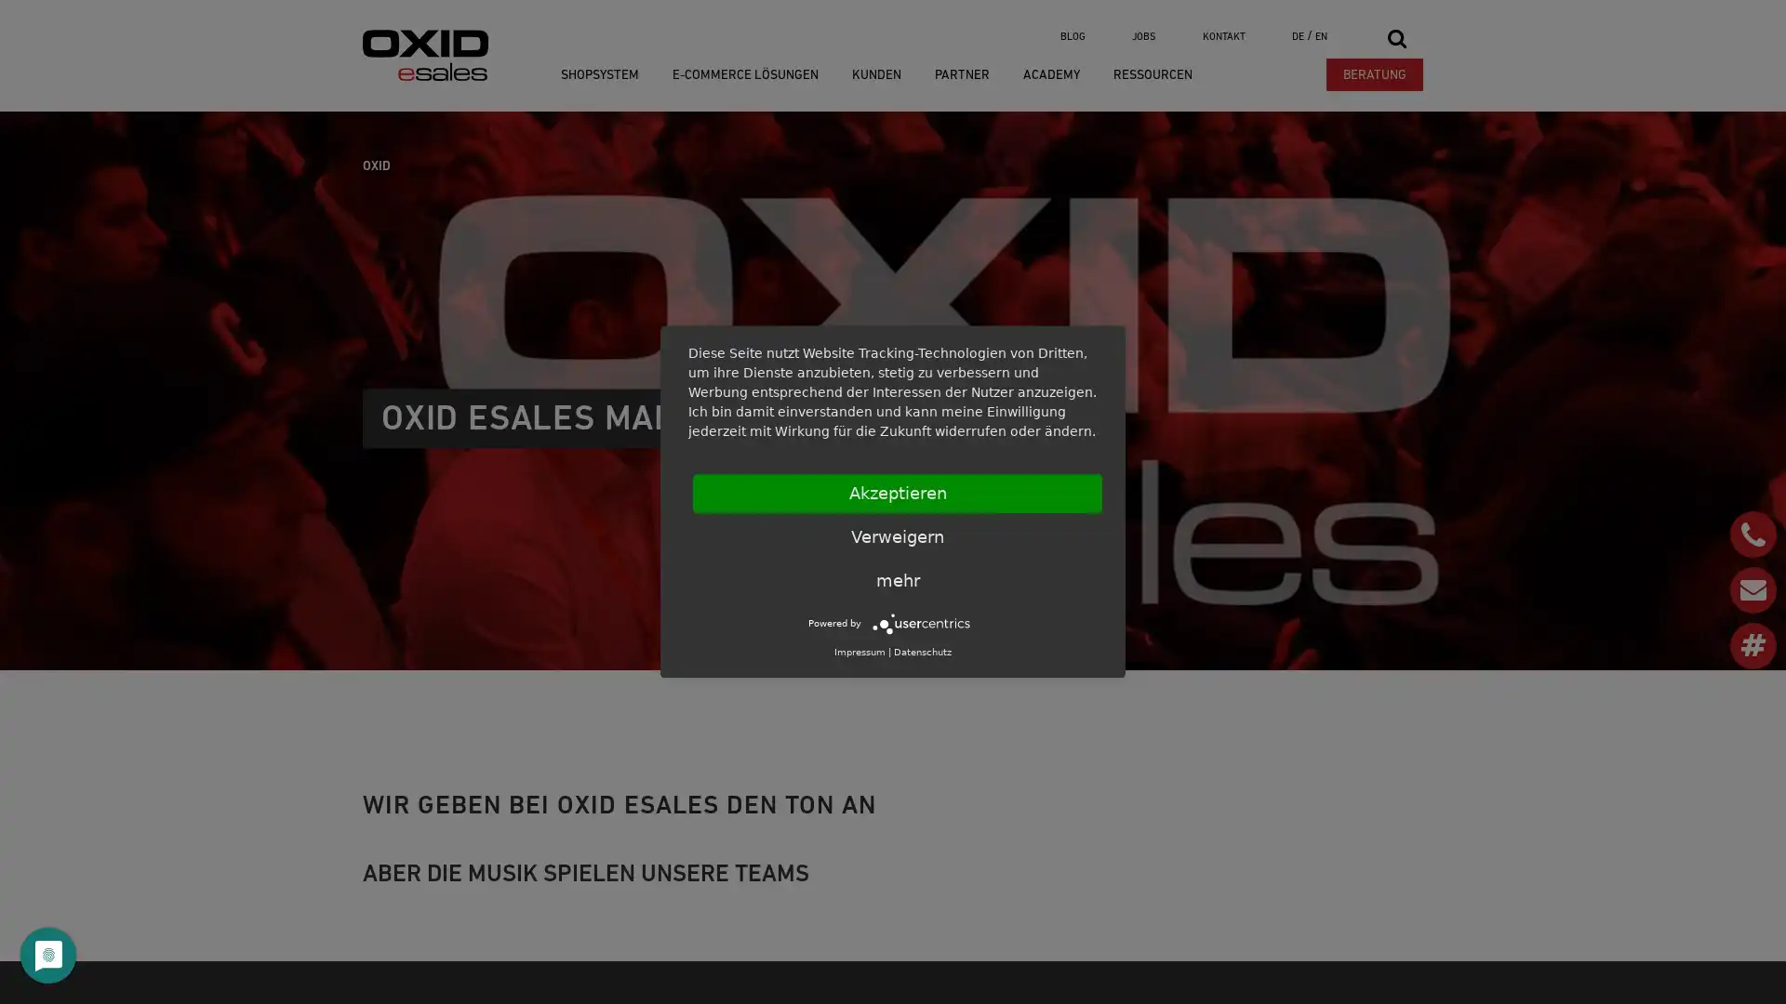 The image size is (1786, 1004). What do you see at coordinates (897, 493) in the screenshot?
I see `Akzeptieren` at bounding box center [897, 493].